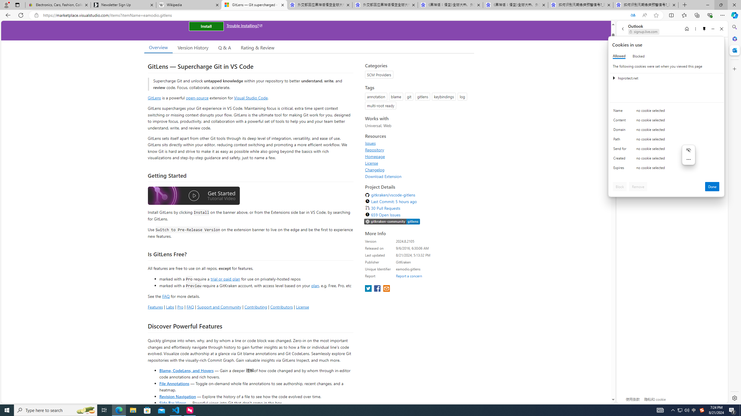  I want to click on 'no cookie selected', so click(678, 169).